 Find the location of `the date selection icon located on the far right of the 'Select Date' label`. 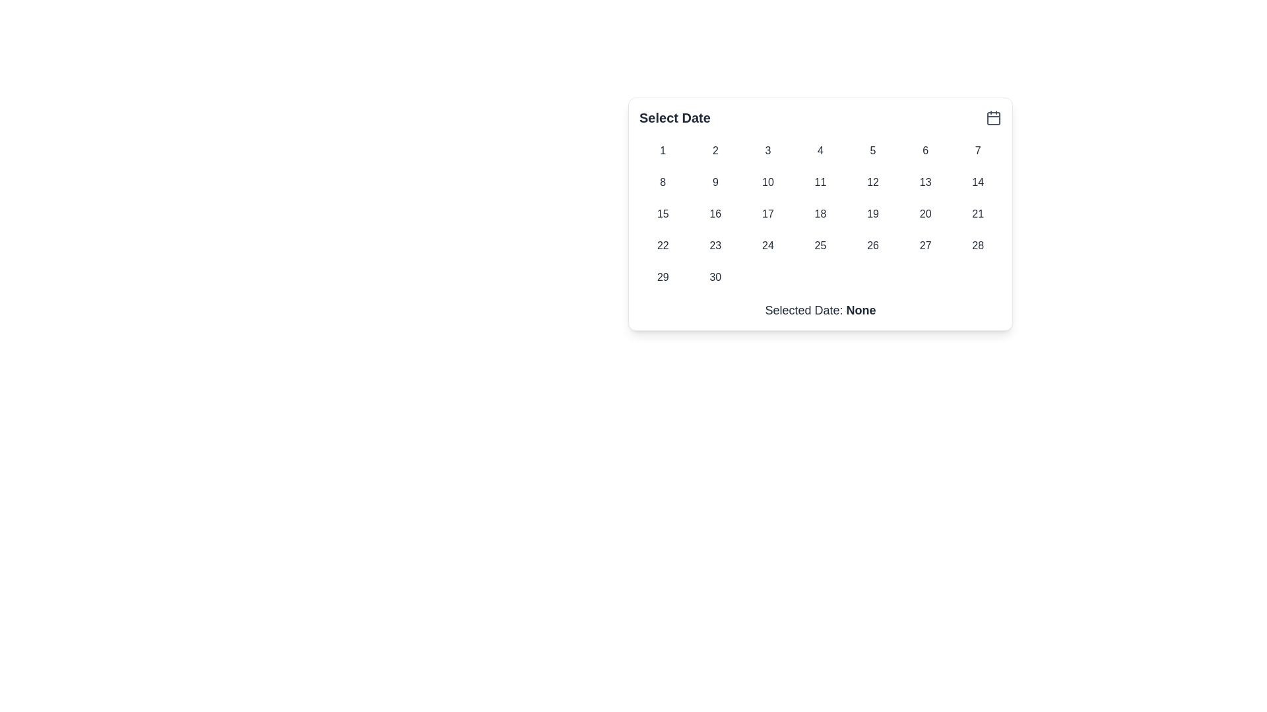

the date selection icon located on the far right of the 'Select Date' label is located at coordinates (994, 117).